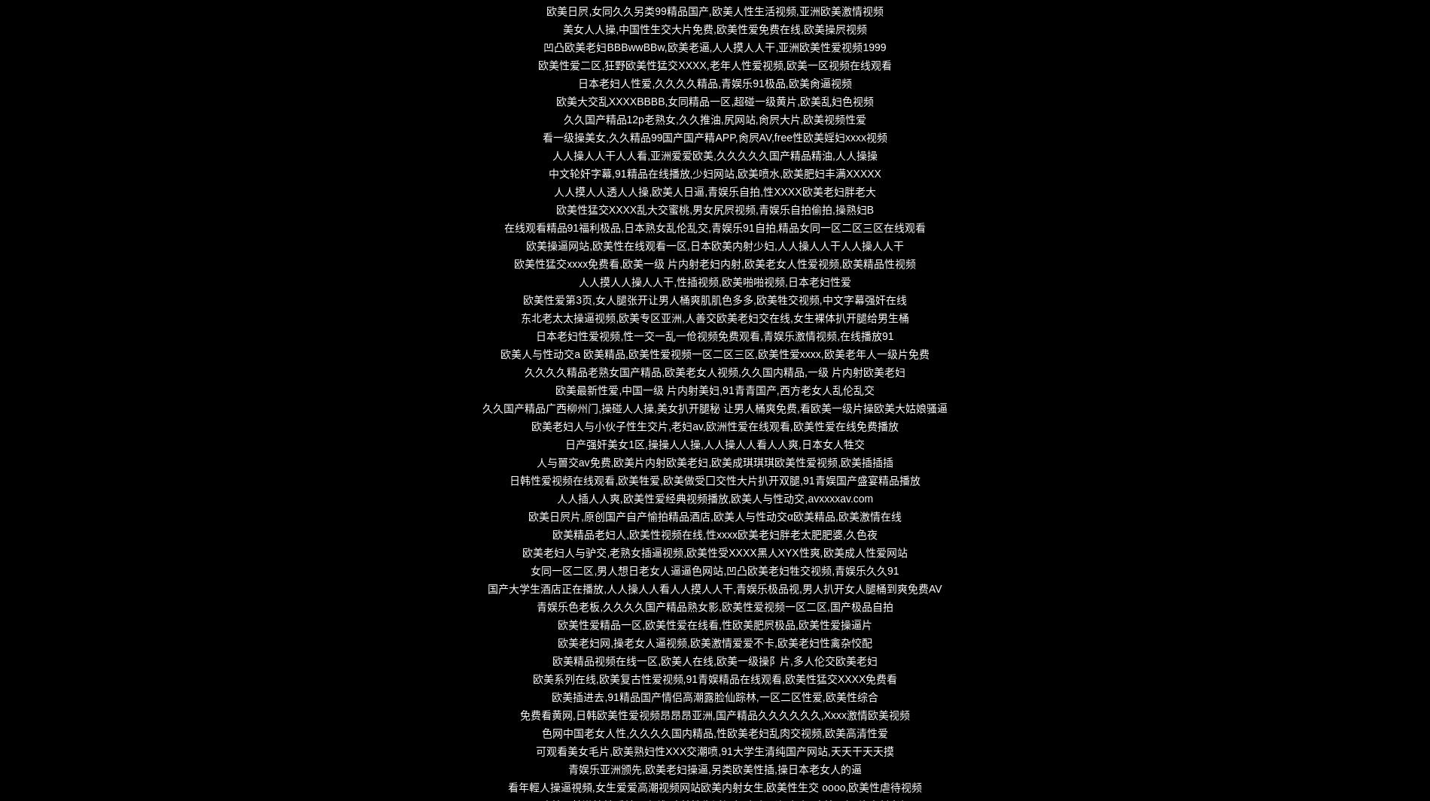  What do you see at coordinates (713, 209) in the screenshot?
I see `'欧美性猛交XXXX乱大交蜜桃,男女尻屄视频,青娱乐自拍偷拍,操熟妇B'` at bounding box center [713, 209].